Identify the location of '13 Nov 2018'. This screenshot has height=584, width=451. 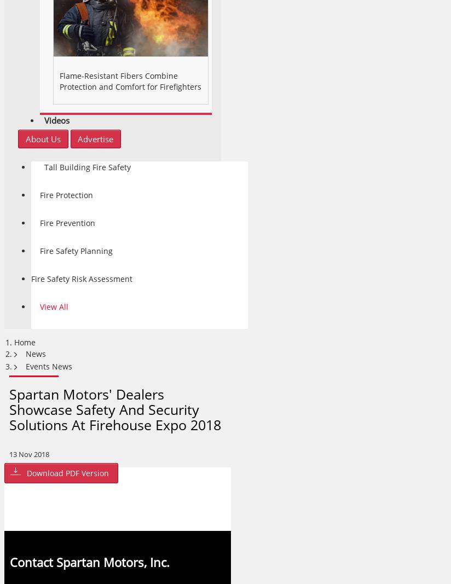
(29, 454).